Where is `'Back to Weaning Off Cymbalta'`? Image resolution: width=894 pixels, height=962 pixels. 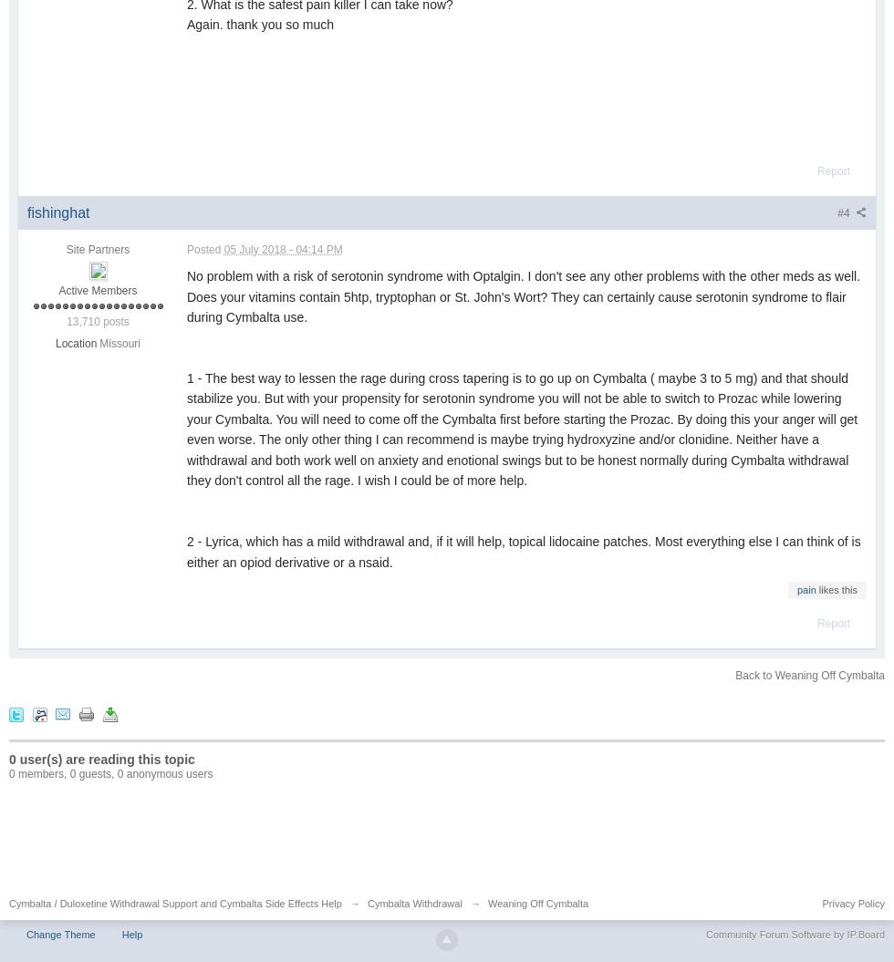
'Back to Weaning Off Cymbalta' is located at coordinates (809, 674).